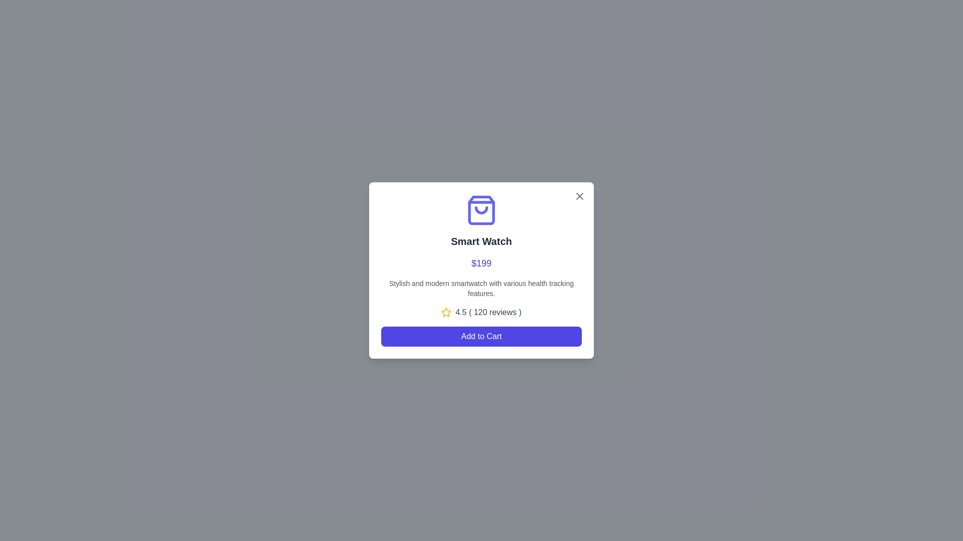  Describe the element at coordinates (481, 210) in the screenshot. I see `the shopping icon located at the top-center of the modal dialog, which visually represents e-commerce or product buying` at that location.